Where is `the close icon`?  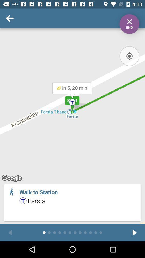 the close icon is located at coordinates (129, 24).